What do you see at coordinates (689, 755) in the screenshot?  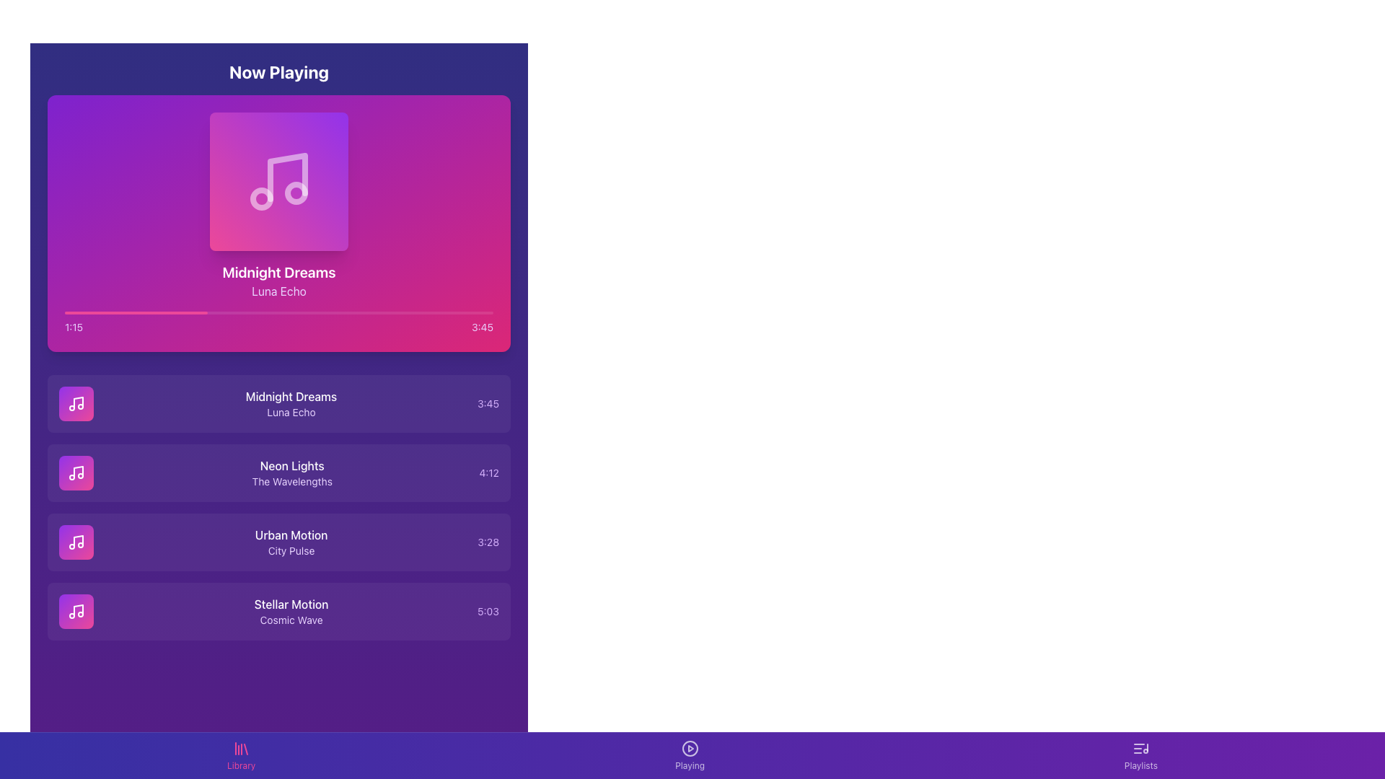 I see `the navigation button in the bottom navigation bar that leads to the 'Playing' section of the application` at bounding box center [689, 755].